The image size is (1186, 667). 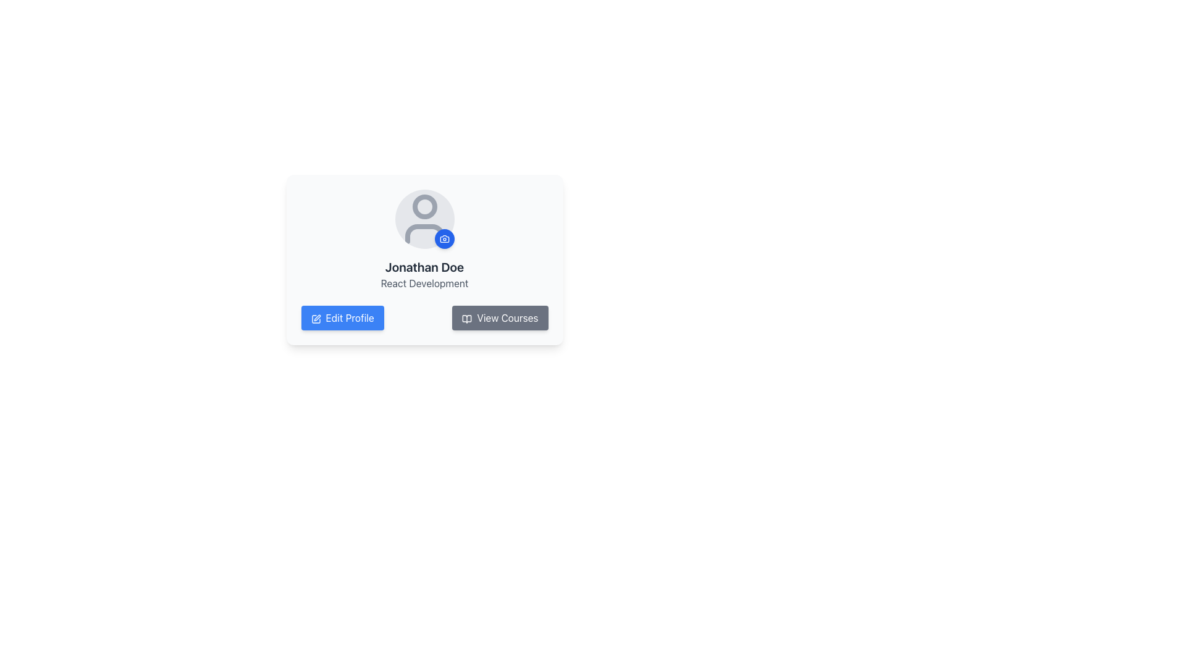 What do you see at coordinates (444, 238) in the screenshot?
I see `the circular blue button with a camera icon located at the bottom-right corner of the profile picture to potentially see a tooltip` at bounding box center [444, 238].